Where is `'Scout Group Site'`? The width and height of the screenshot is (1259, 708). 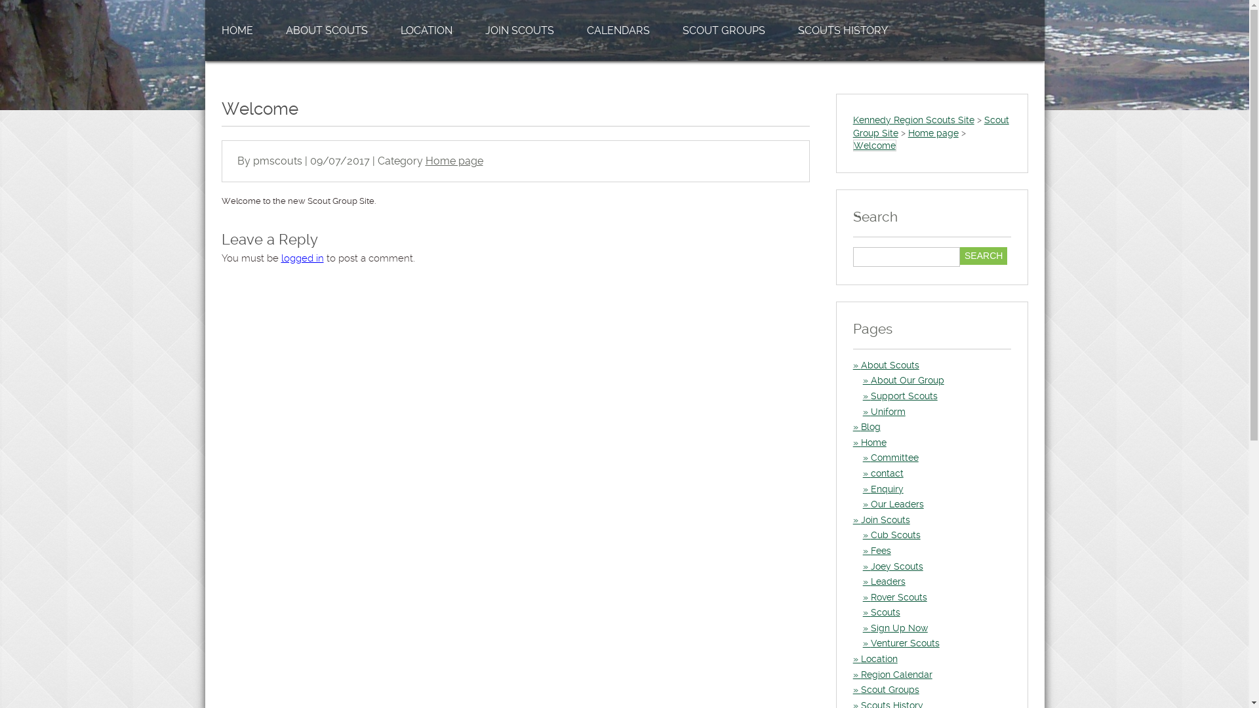
'Scout Group Site' is located at coordinates (930, 126).